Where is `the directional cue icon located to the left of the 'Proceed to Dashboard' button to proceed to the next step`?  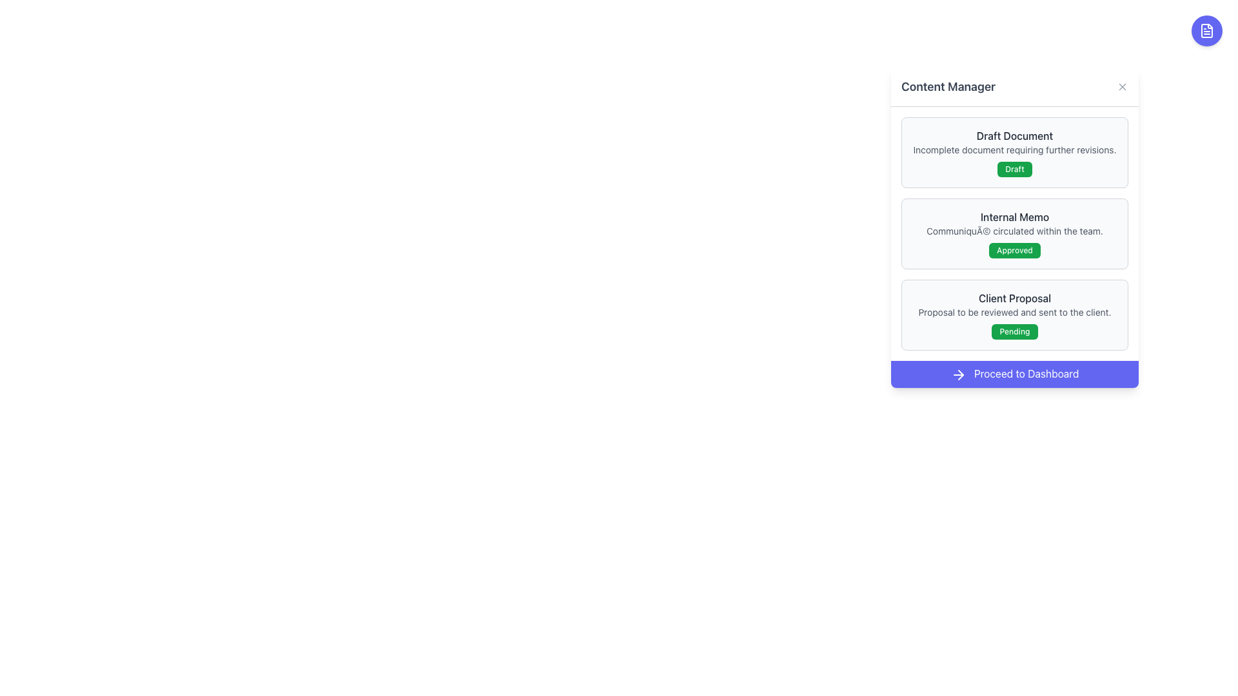
the directional cue icon located to the left of the 'Proceed to Dashboard' button to proceed to the next step is located at coordinates (958, 374).